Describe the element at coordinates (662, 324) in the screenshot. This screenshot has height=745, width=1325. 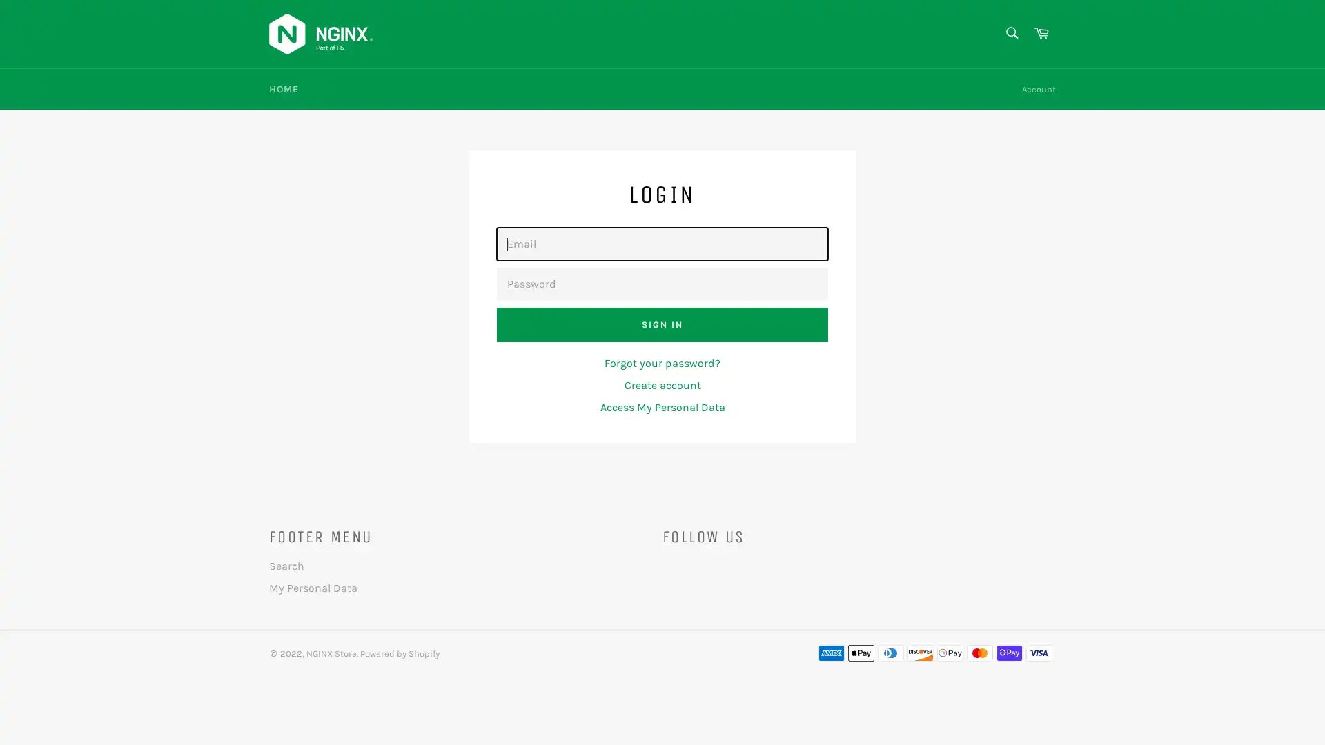
I see `Sign In` at that location.